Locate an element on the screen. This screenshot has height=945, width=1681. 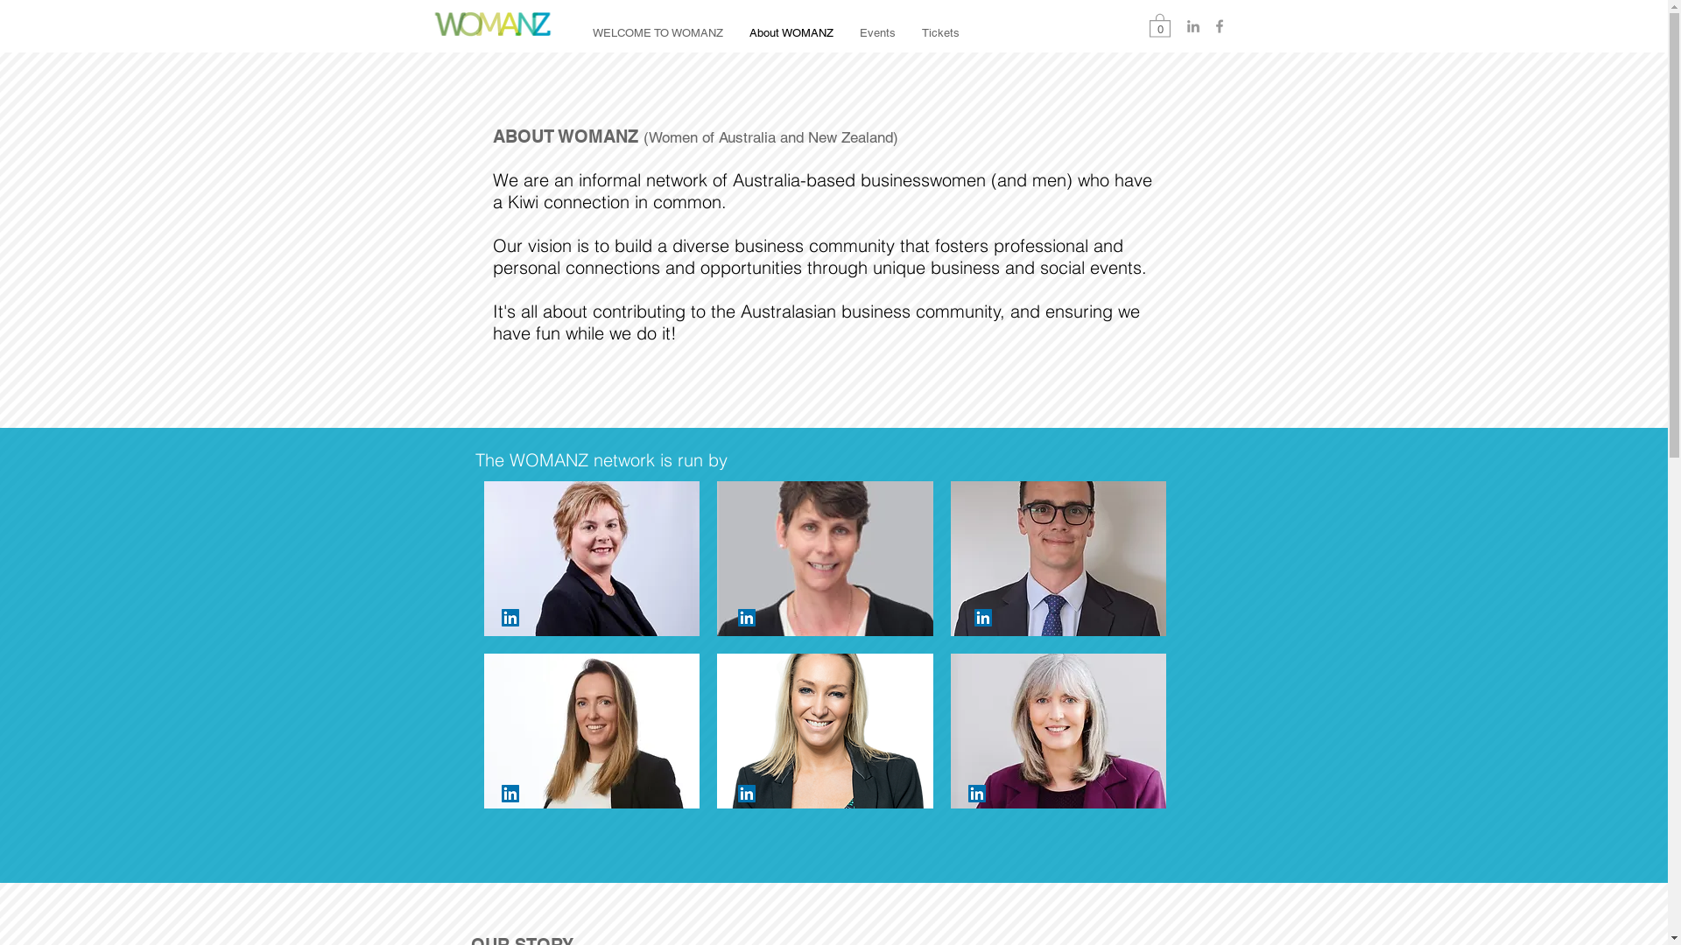
'0' is located at coordinates (1159, 24).